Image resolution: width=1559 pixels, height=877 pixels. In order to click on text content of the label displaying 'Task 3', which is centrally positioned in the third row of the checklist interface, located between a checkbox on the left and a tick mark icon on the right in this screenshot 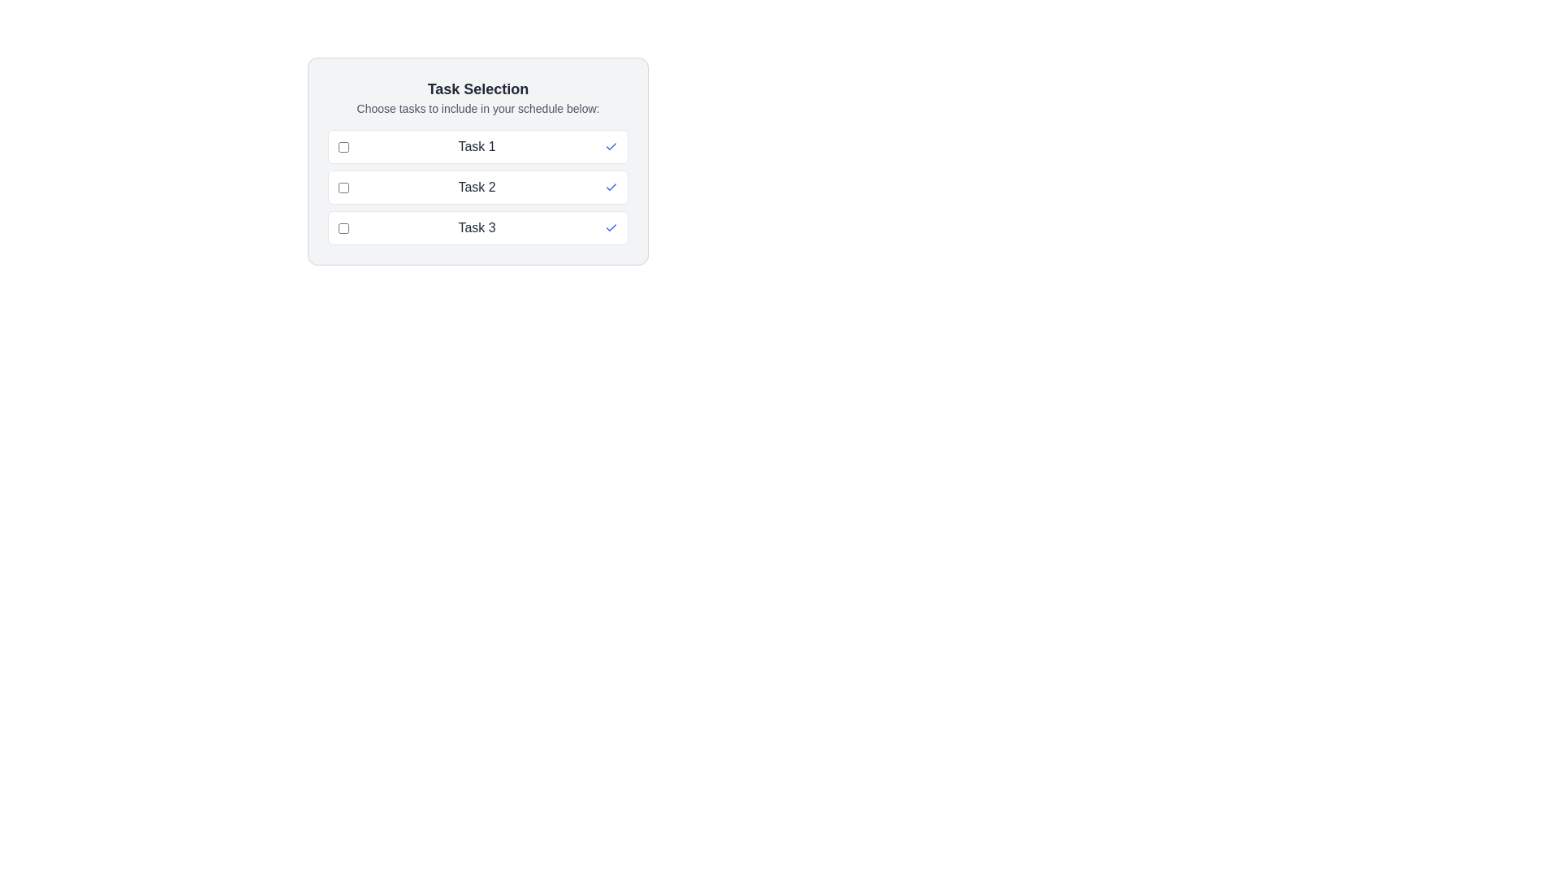, I will do `click(476, 228)`.